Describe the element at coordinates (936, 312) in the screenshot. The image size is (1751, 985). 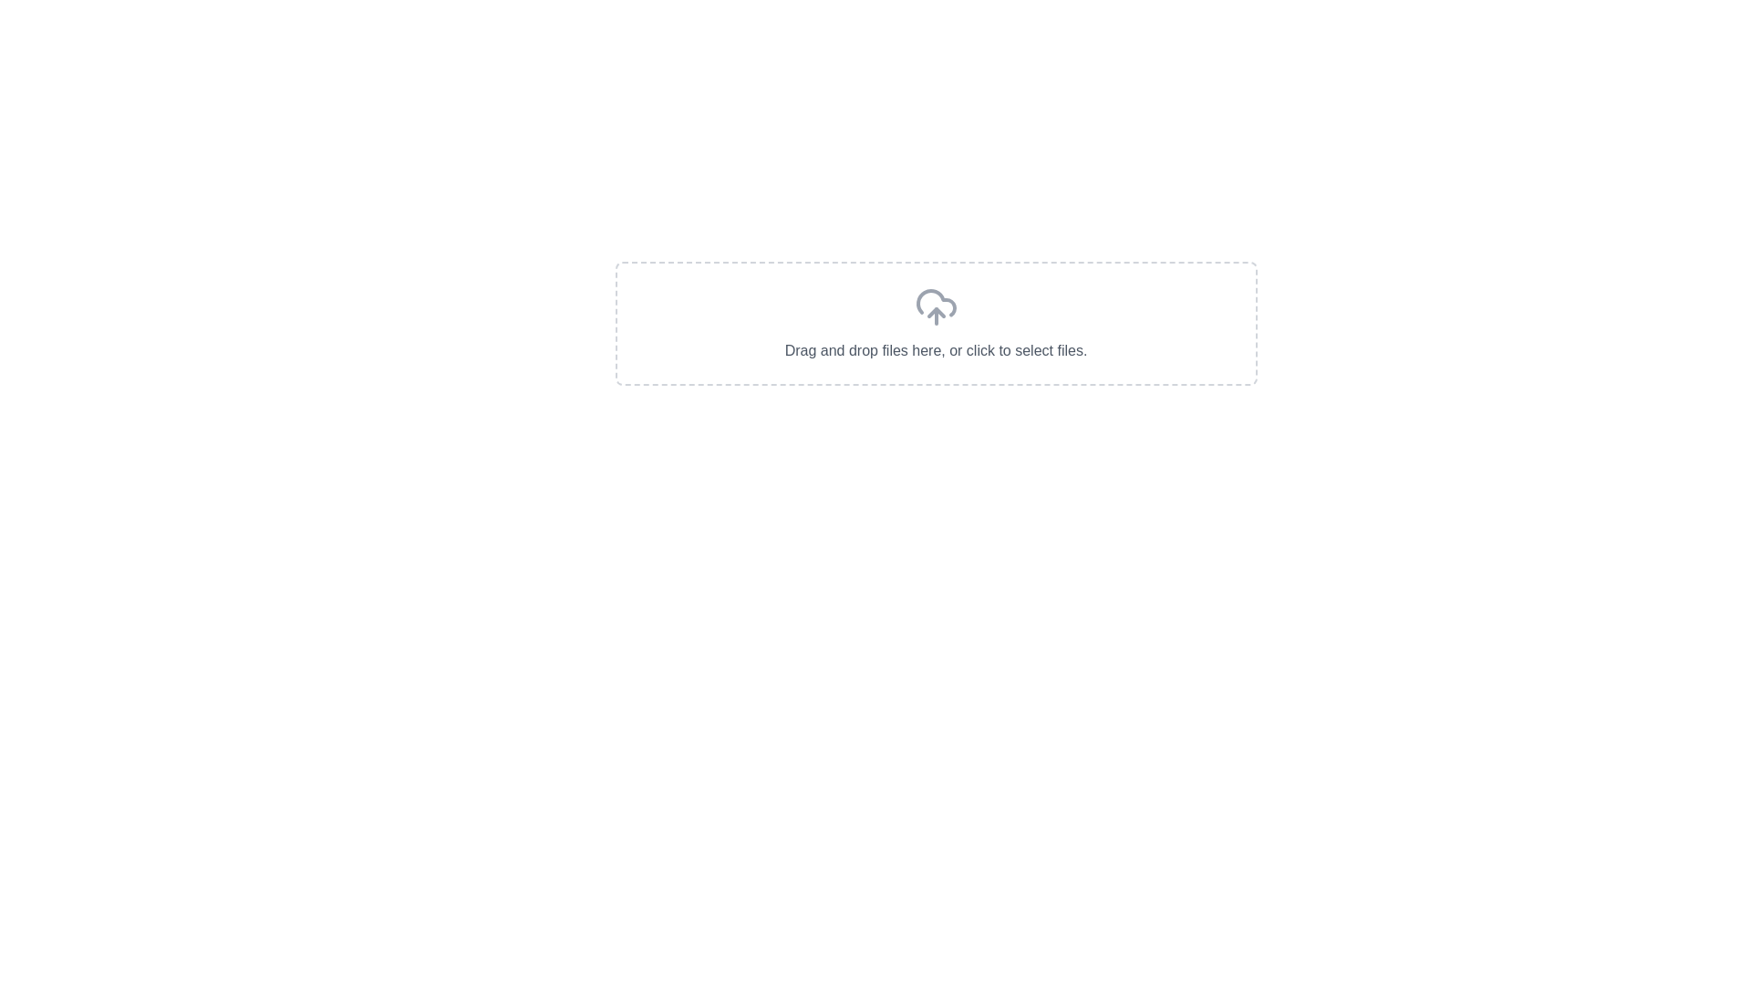
I see `the upward pointing arrow shape integrated within the cloud icon, located towards the bottom center of the cloud` at that location.